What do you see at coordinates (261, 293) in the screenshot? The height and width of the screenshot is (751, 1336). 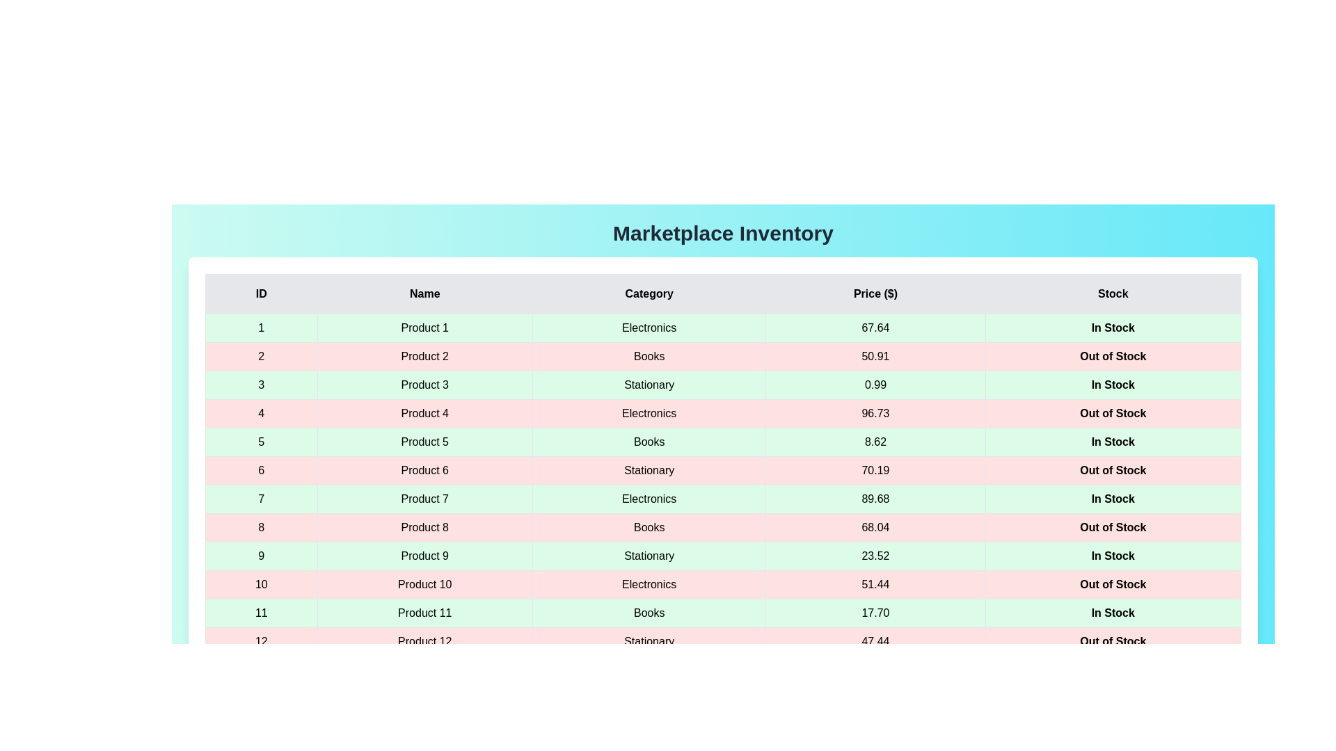 I see `the column header labeled 'ID' to sort the table by that column` at bounding box center [261, 293].